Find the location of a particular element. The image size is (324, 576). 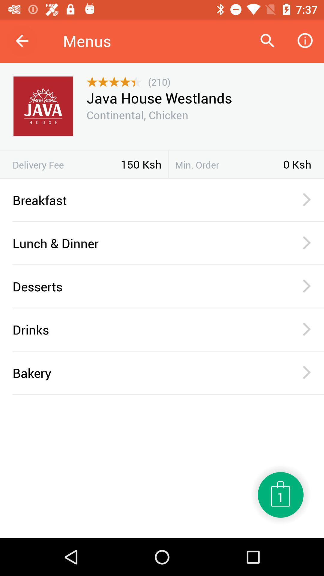

the icon next to the menus is located at coordinates (267, 40).